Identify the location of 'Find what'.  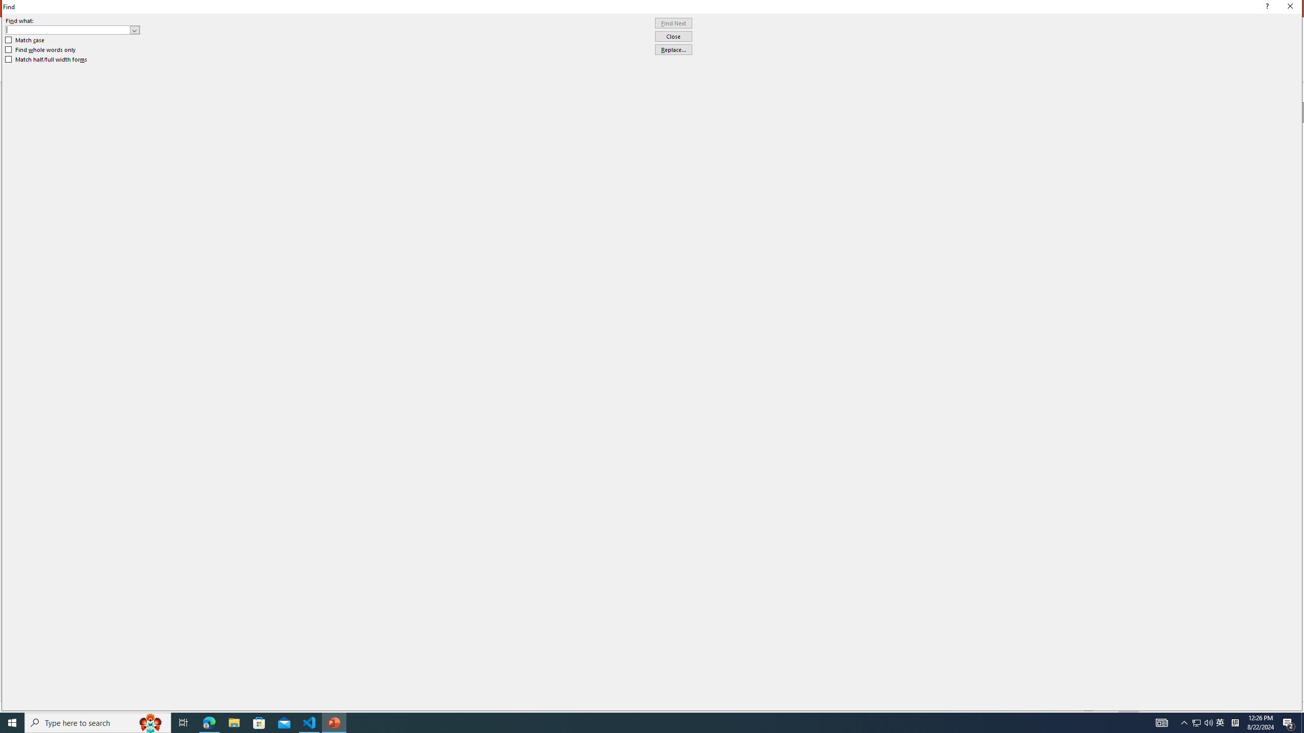
(68, 30).